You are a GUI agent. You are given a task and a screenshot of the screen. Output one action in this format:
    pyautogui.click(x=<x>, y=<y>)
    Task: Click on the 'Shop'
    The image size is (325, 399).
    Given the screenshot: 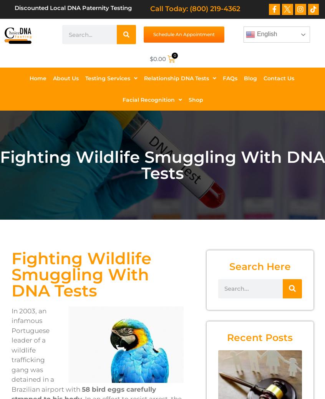 What is the action you would take?
    pyautogui.click(x=188, y=99)
    